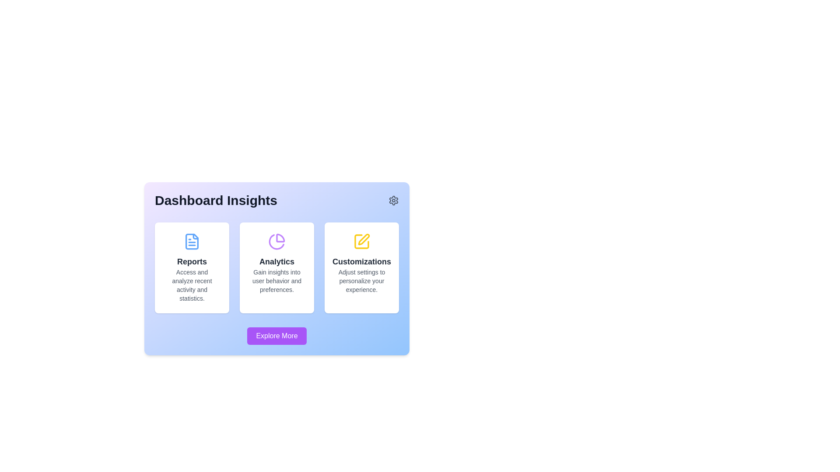 This screenshot has height=472, width=840. Describe the element at coordinates (364, 239) in the screenshot. I see `the pen icon located in the third card titled 'Customizations' within the 'Dashboard Insights' section` at that location.